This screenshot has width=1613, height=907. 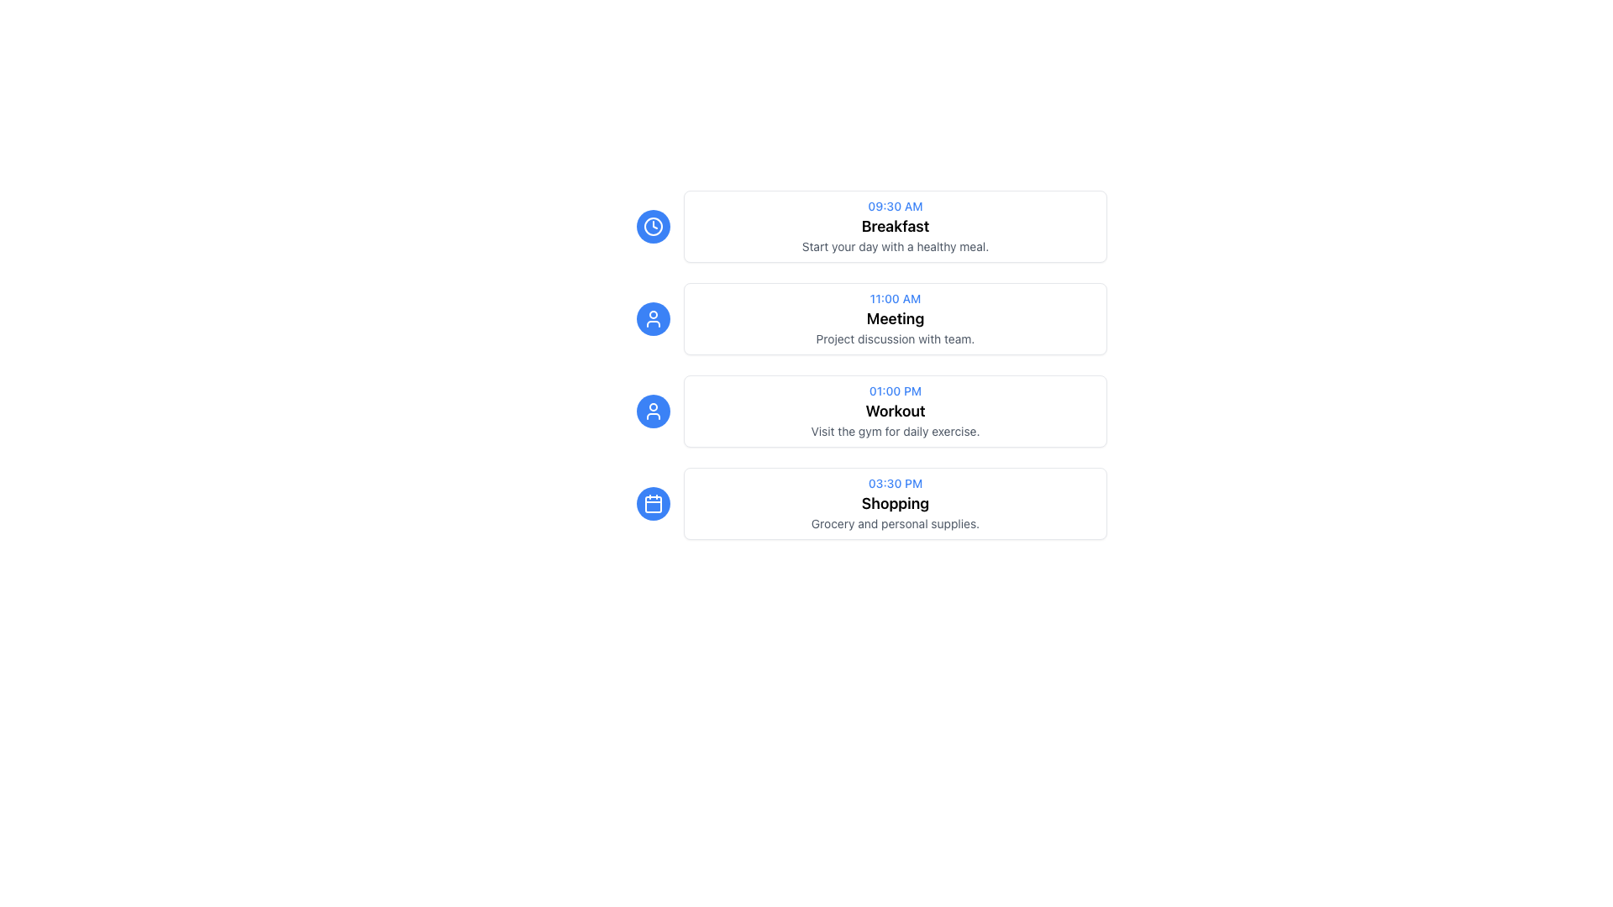 What do you see at coordinates (865, 227) in the screenshot?
I see `the informational card titled 'Breakfast' which provides details about the event at '09:30 AM' and includes the note 'Start your day with a healthy meal.'` at bounding box center [865, 227].